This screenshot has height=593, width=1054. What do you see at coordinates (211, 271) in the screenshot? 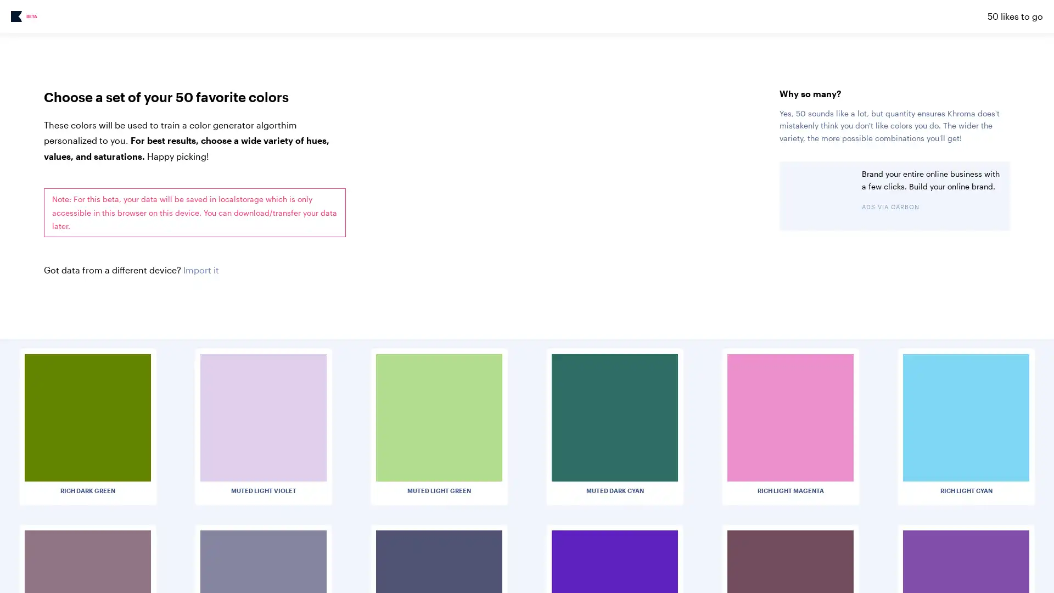
I see `Choose File` at bounding box center [211, 271].